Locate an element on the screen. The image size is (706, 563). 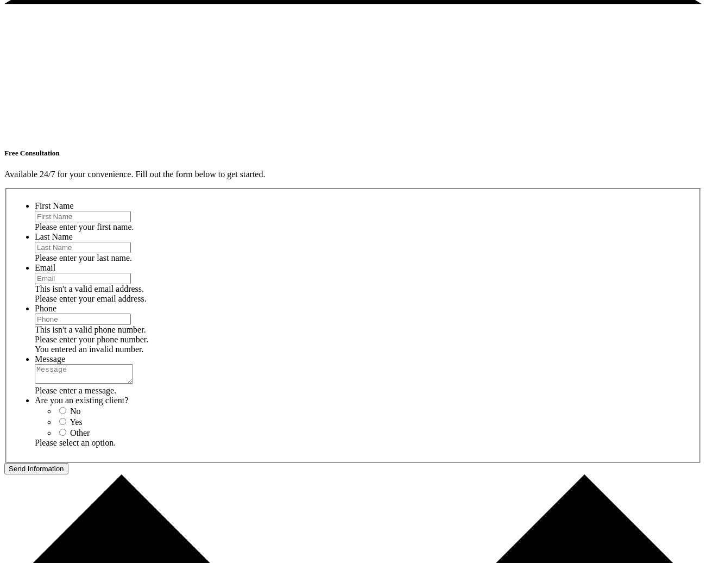
'Please enter your first name.' is located at coordinates (83, 226).